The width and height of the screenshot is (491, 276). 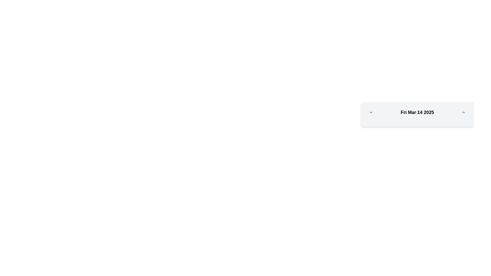 What do you see at coordinates (417, 112) in the screenshot?
I see `the interactive date display with navigation controls that shows 'Fri Mar 14 2025', which includes dropdown icons on either side` at bounding box center [417, 112].